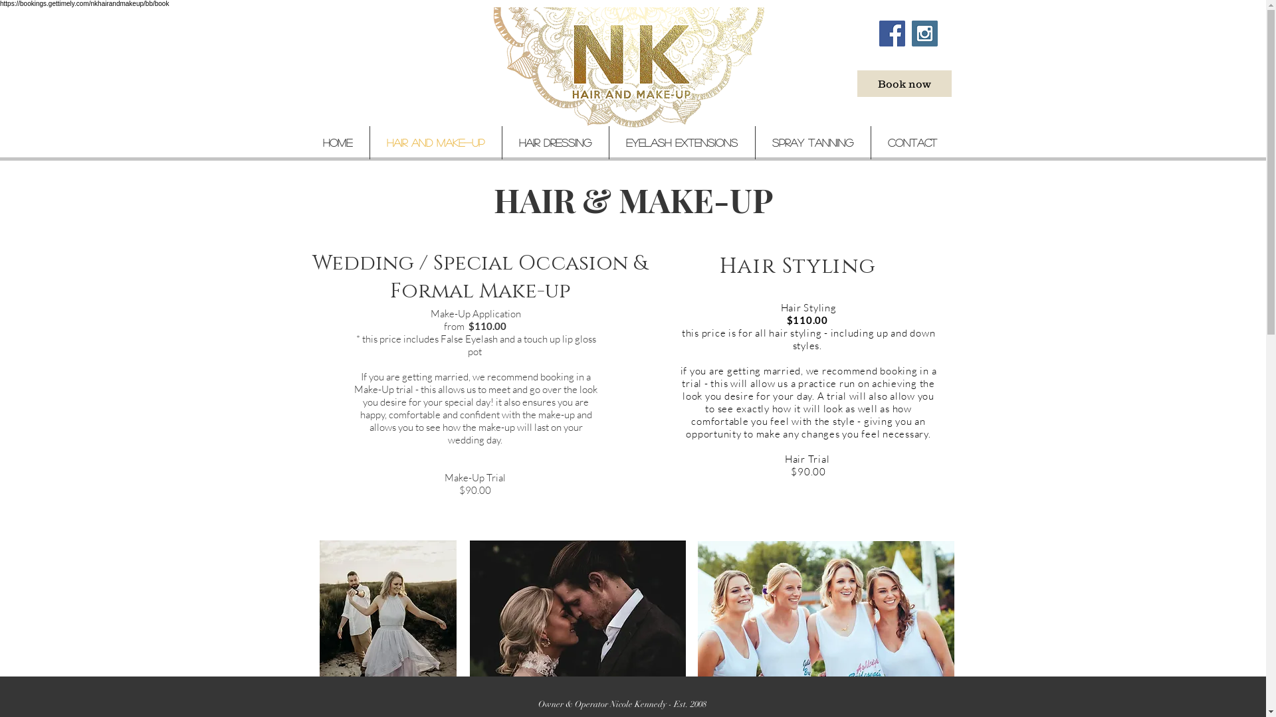 Image resolution: width=1276 pixels, height=717 pixels. I want to click on 'Eyelash Extensions', so click(681, 143).